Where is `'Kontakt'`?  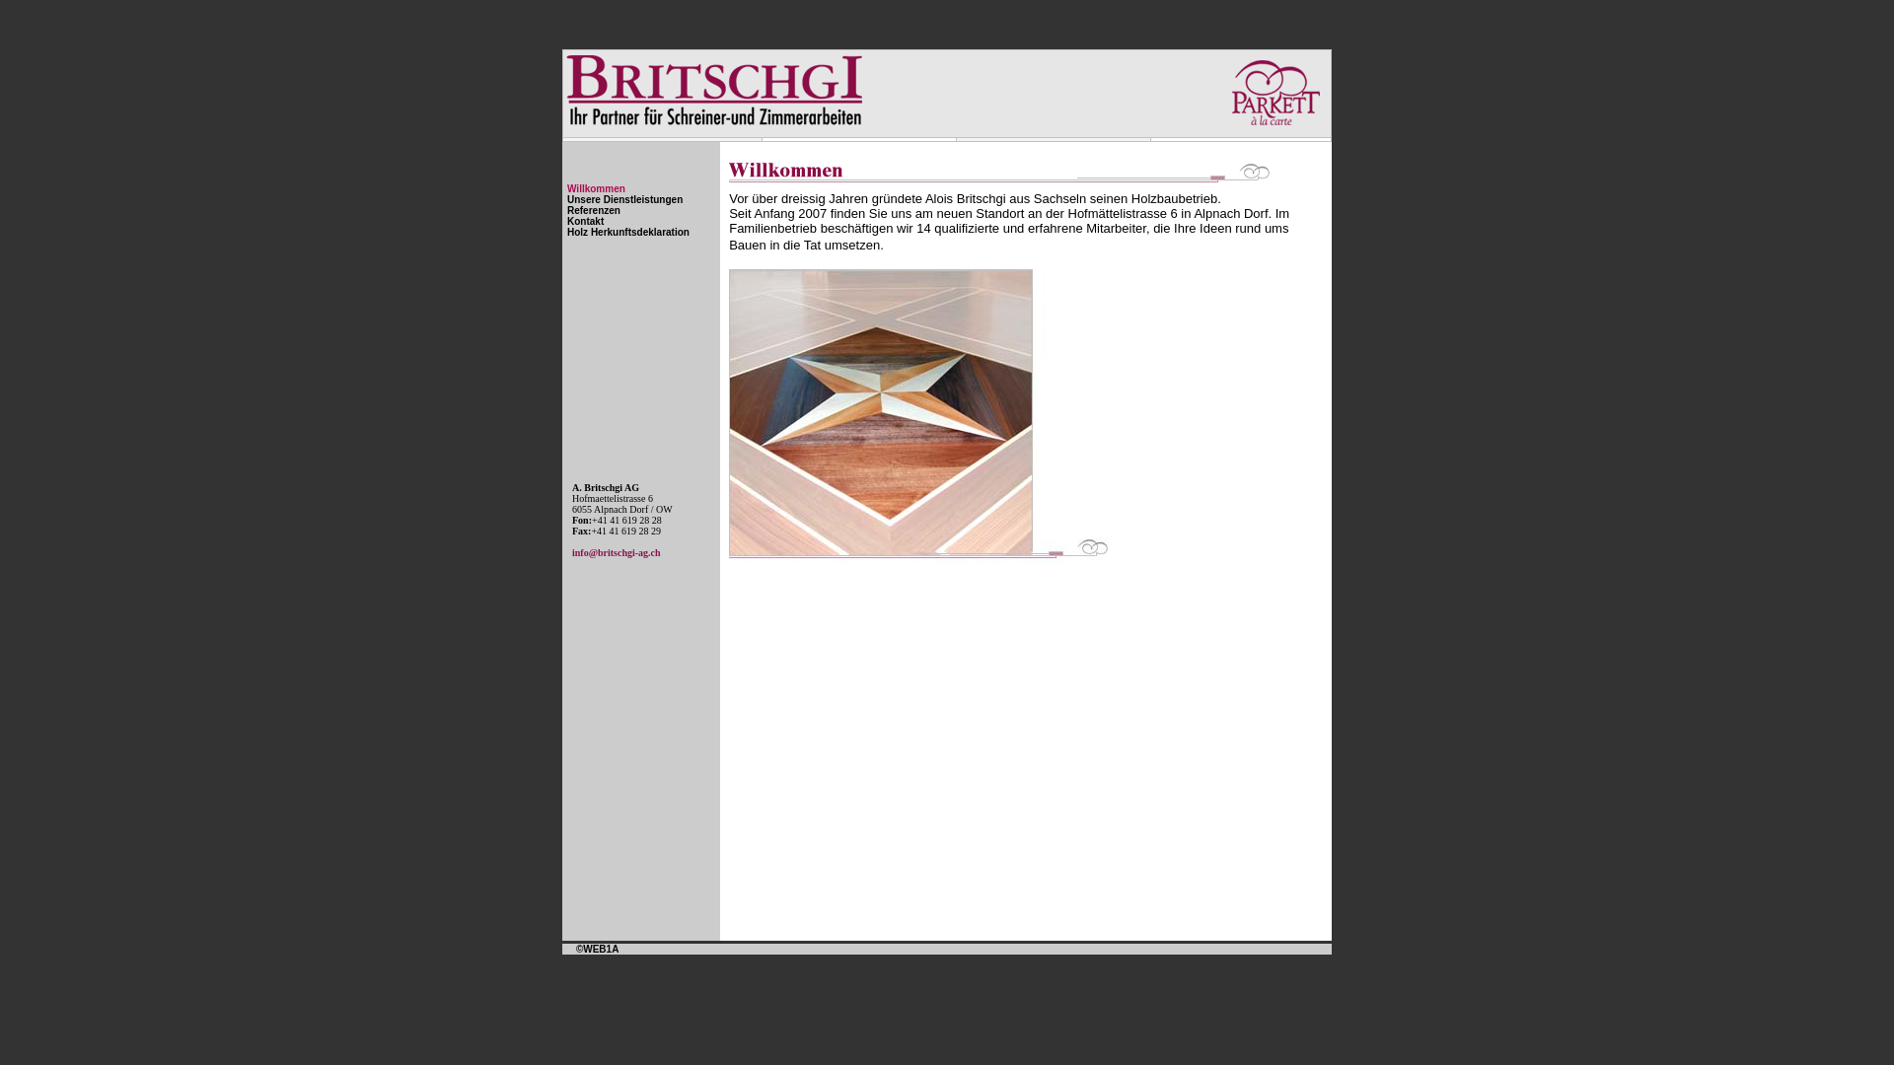
'Kontakt' is located at coordinates (584, 221).